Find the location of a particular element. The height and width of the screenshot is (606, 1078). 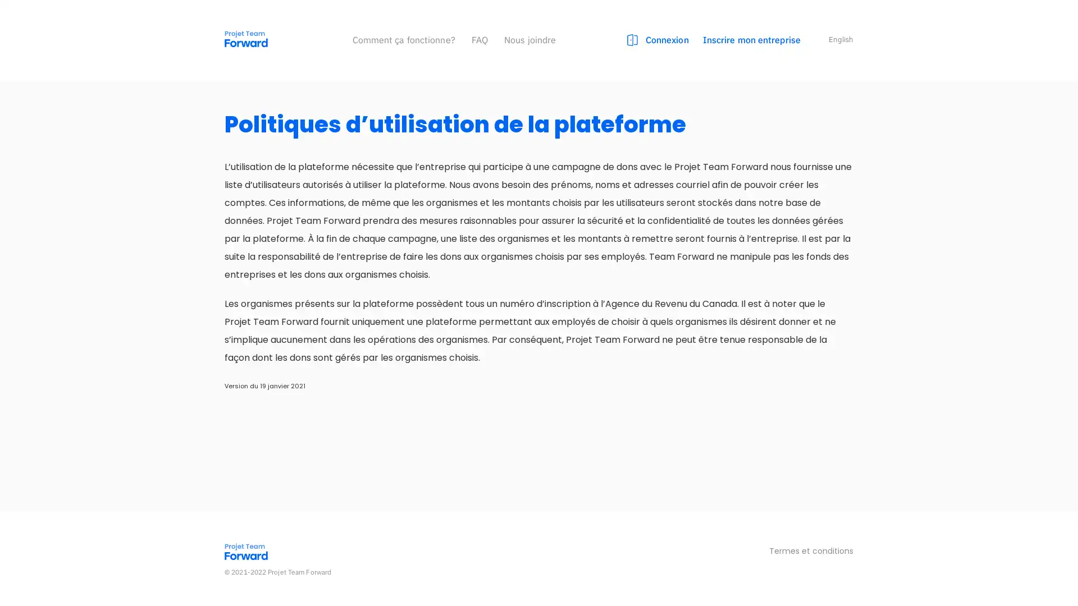

FAQ is located at coordinates (479, 39).